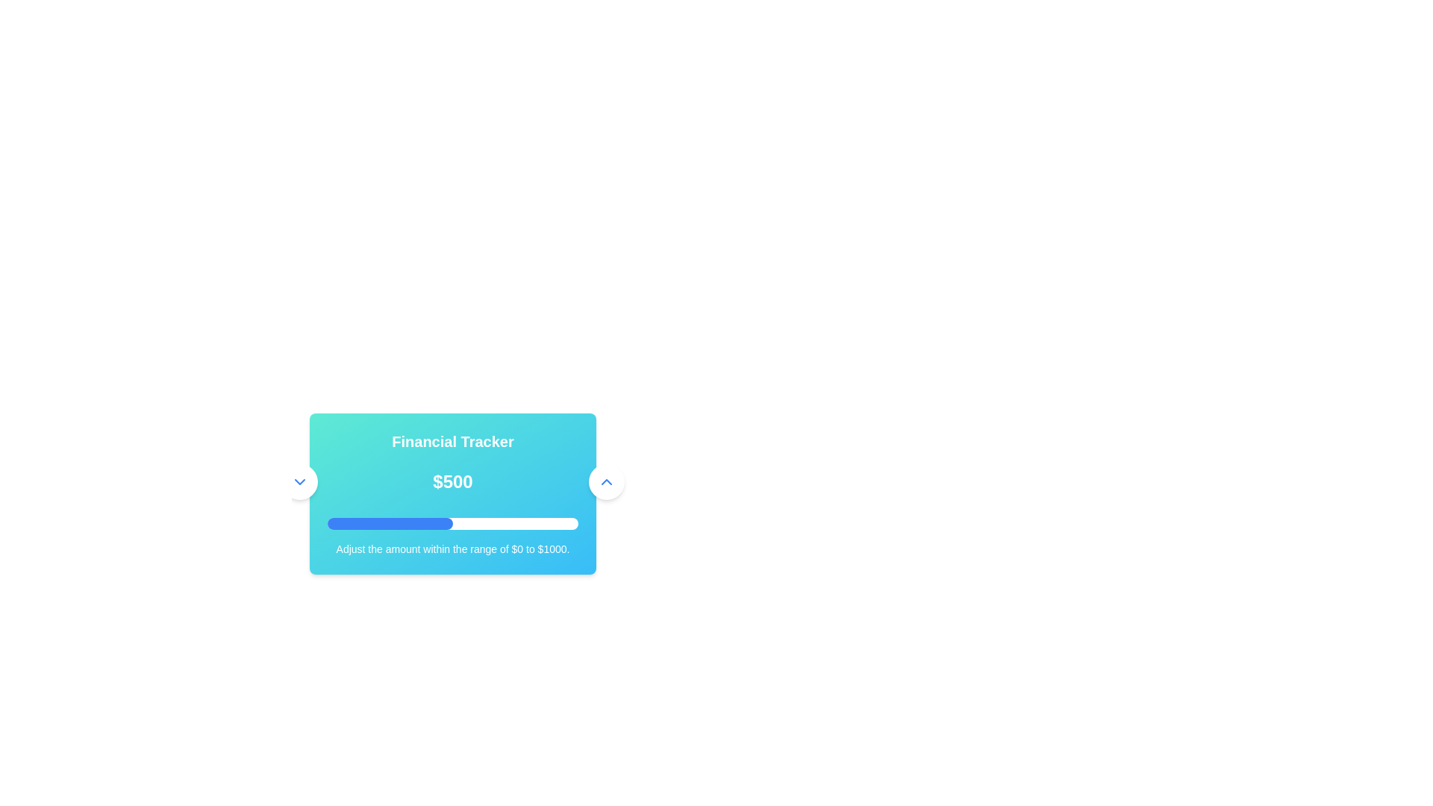 The height and width of the screenshot is (806, 1433). I want to click on the slider, so click(482, 523).